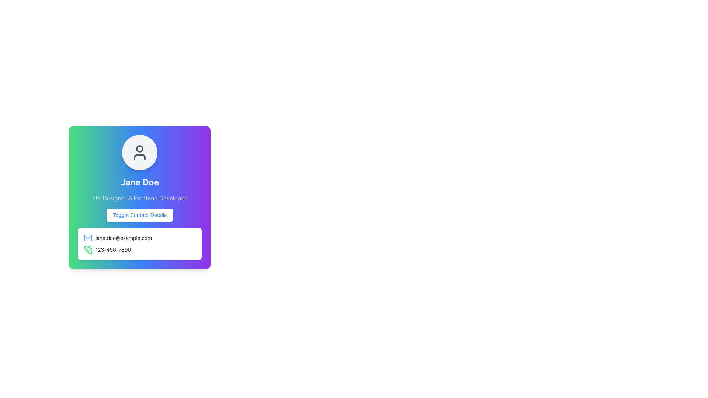 This screenshot has width=708, height=398. I want to click on the green phone icon representing Jane Doe's contact information located in the lower part of the profile card, adjacent to the phone number '123-456-7890', so click(88, 249).